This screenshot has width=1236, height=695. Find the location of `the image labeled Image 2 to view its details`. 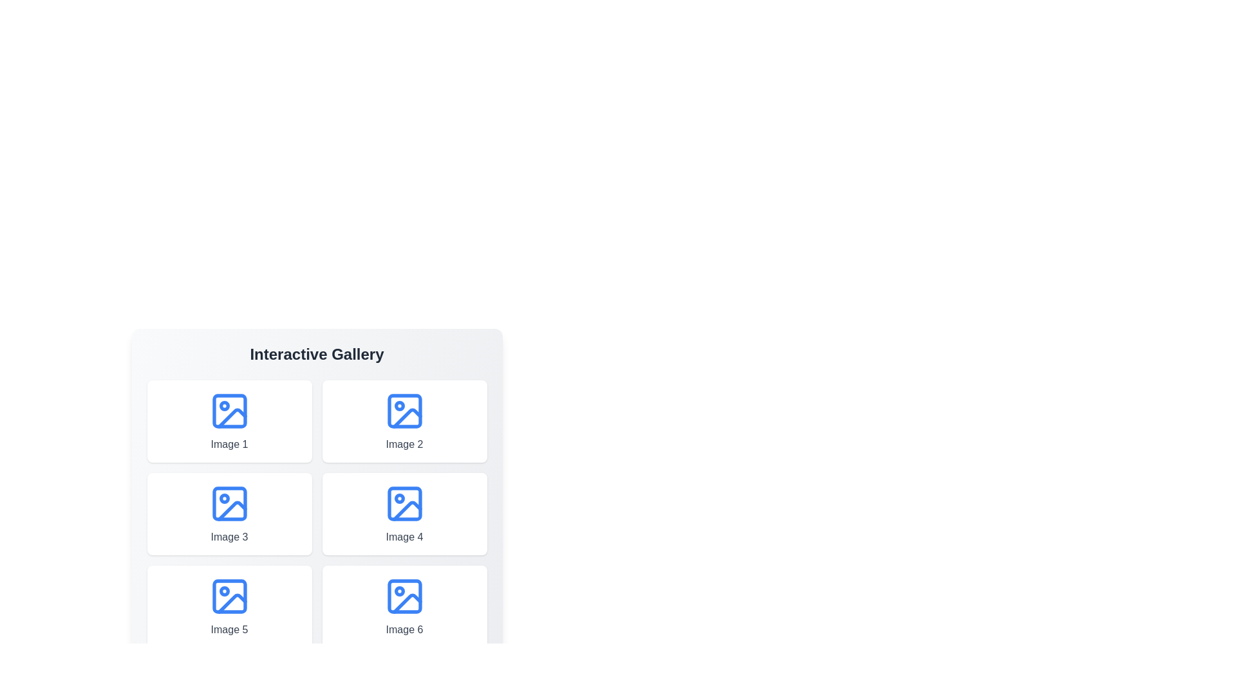

the image labeled Image 2 to view its details is located at coordinates (404, 422).